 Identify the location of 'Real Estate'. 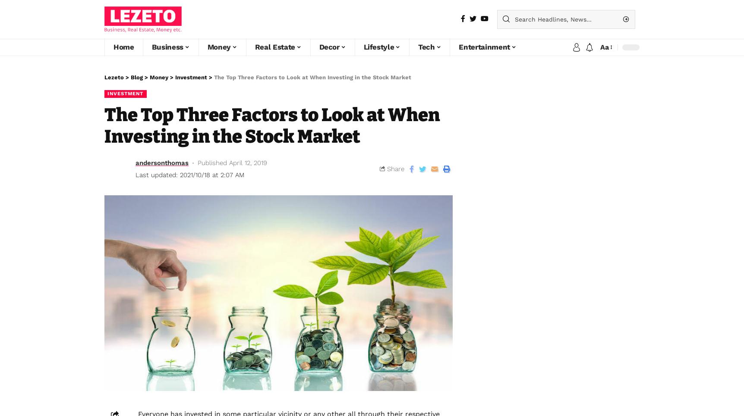
(274, 47).